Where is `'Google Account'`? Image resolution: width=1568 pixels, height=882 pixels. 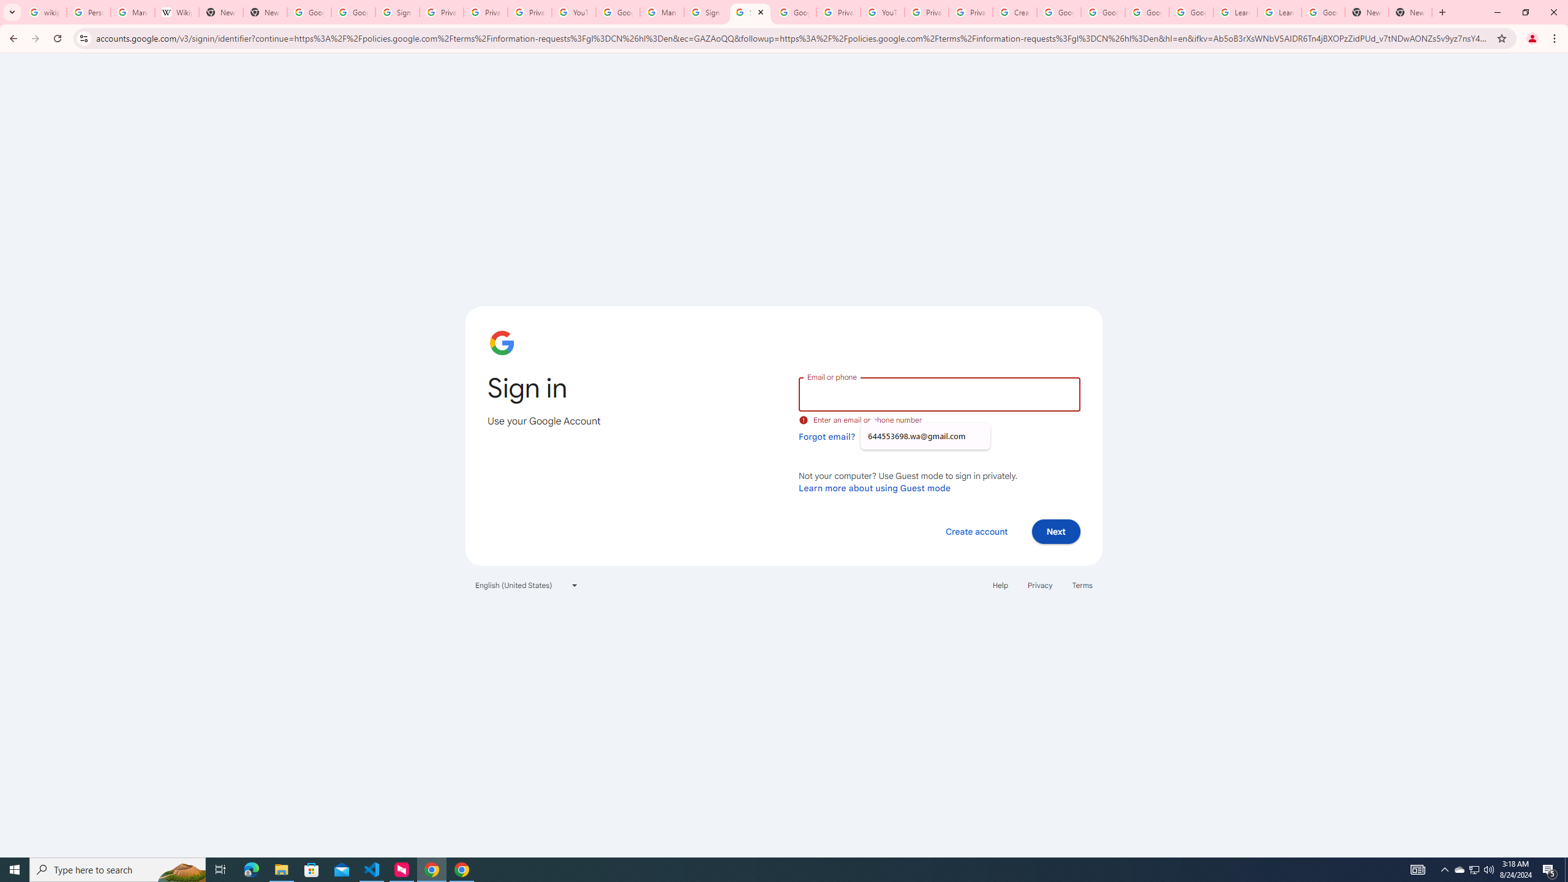
'Google Account' is located at coordinates (1323, 12).